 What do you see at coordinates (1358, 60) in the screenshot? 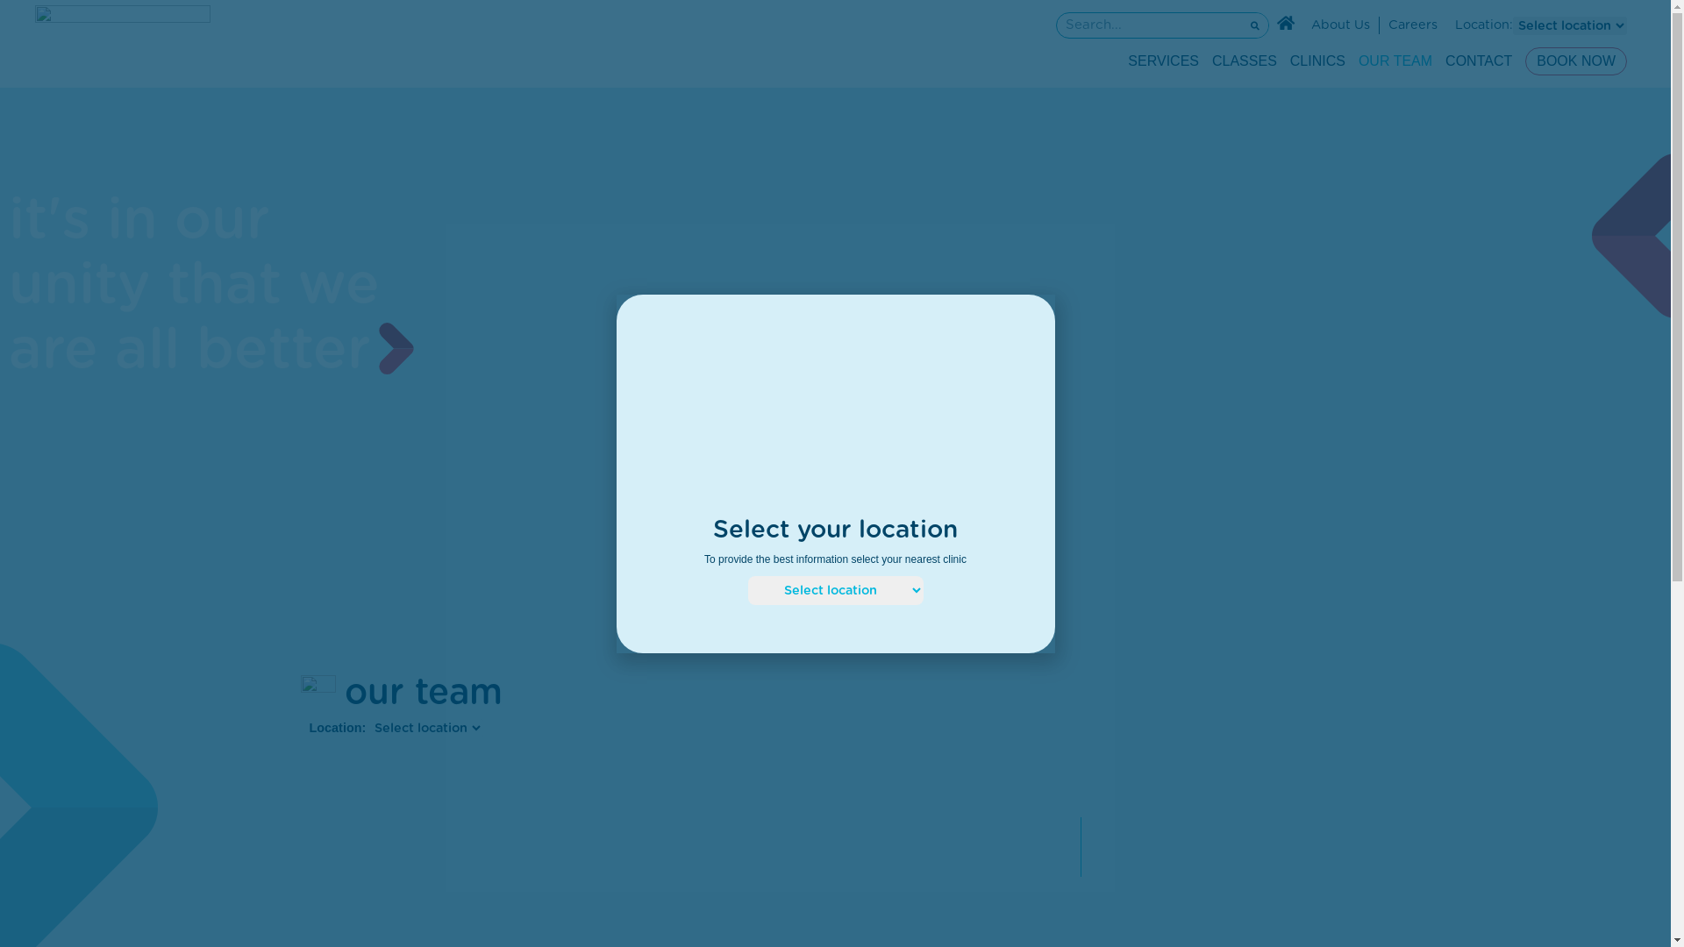
I see `'OUR TEAM'` at bounding box center [1358, 60].